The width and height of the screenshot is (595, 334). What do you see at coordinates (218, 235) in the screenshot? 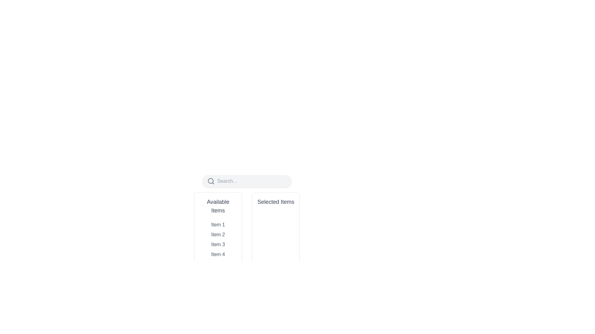
I see `the second list item in the 'Available Items' area to change its style` at bounding box center [218, 235].